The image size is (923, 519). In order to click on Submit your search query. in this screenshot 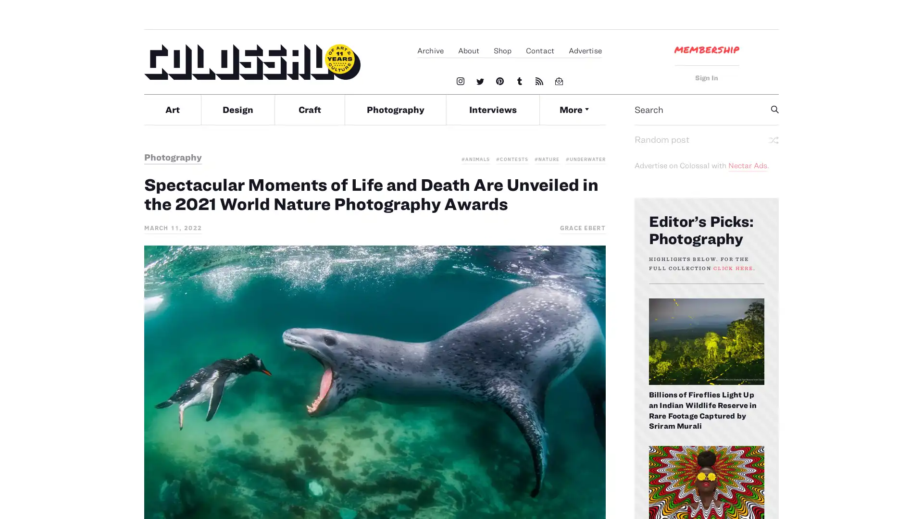, I will do `click(775, 109)`.